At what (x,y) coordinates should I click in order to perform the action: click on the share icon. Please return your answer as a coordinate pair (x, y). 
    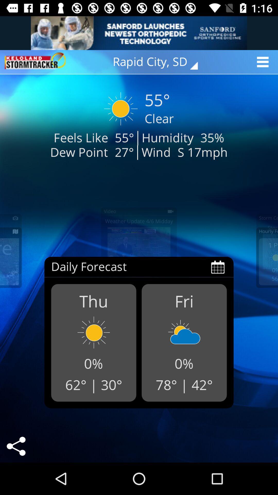
    Looking at the image, I should click on (16, 446).